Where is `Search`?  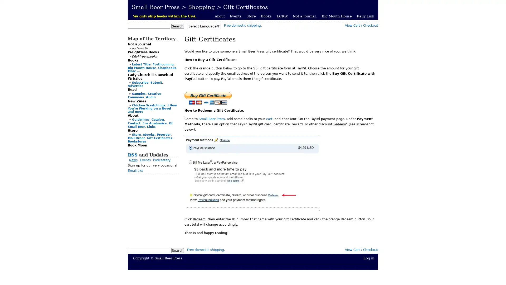 Search is located at coordinates (177, 26).